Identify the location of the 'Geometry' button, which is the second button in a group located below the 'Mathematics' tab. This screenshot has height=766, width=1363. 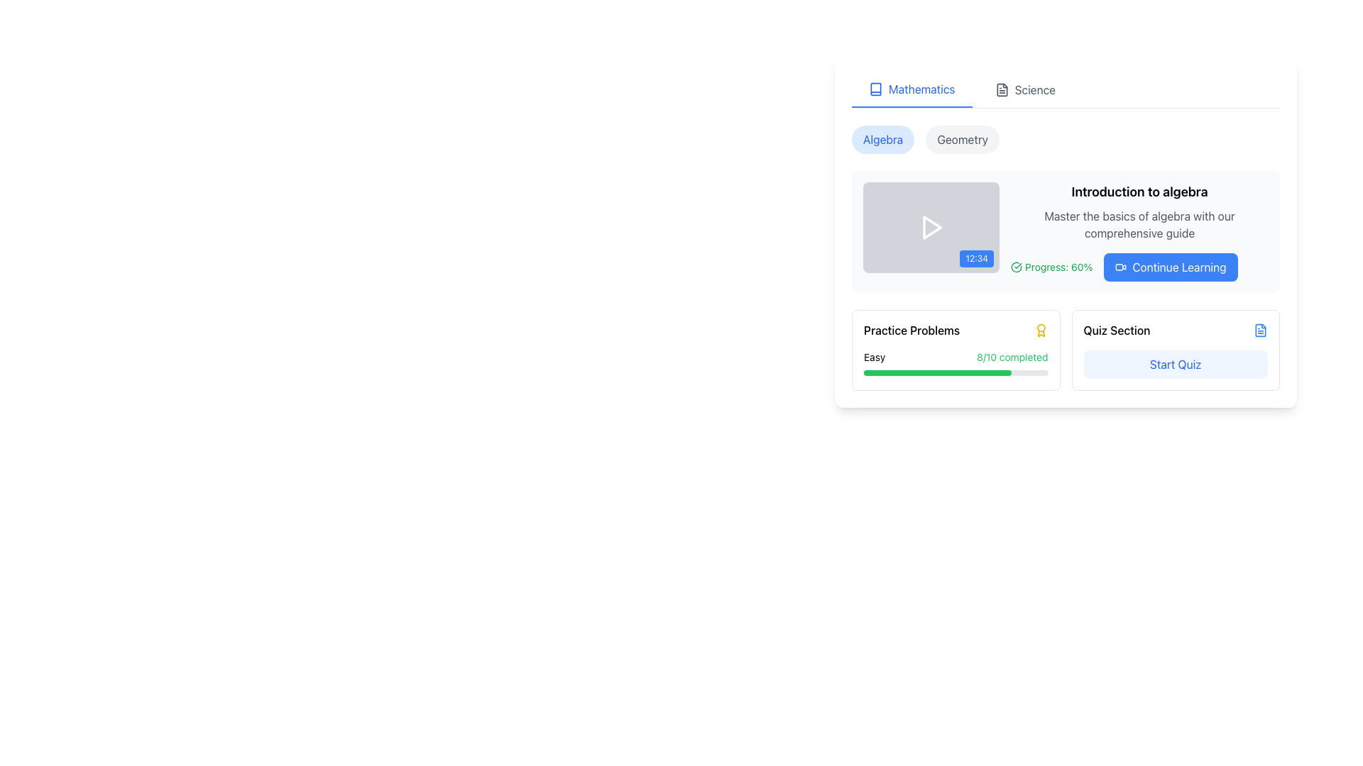
(963, 139).